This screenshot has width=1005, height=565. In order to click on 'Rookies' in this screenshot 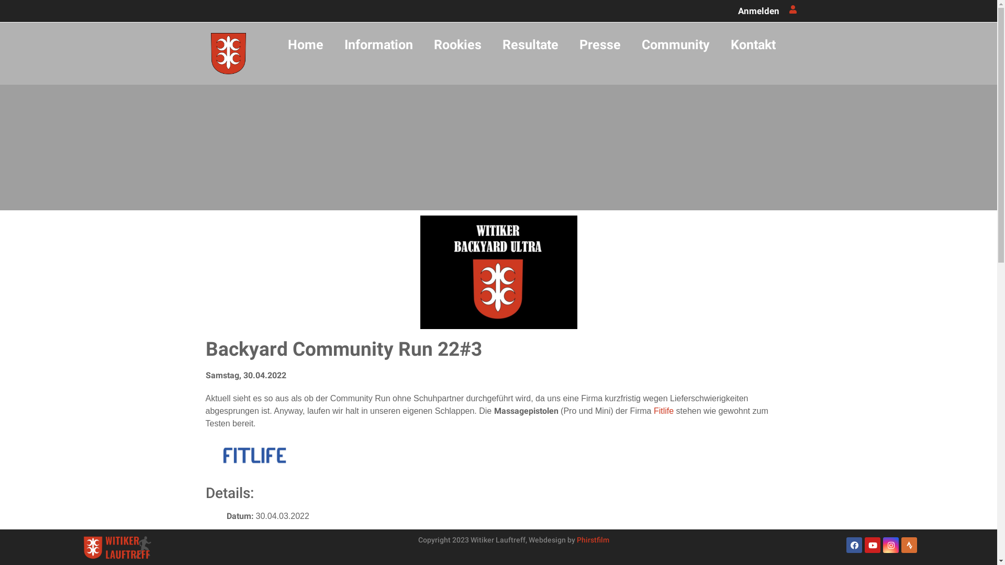, I will do `click(457, 44)`.